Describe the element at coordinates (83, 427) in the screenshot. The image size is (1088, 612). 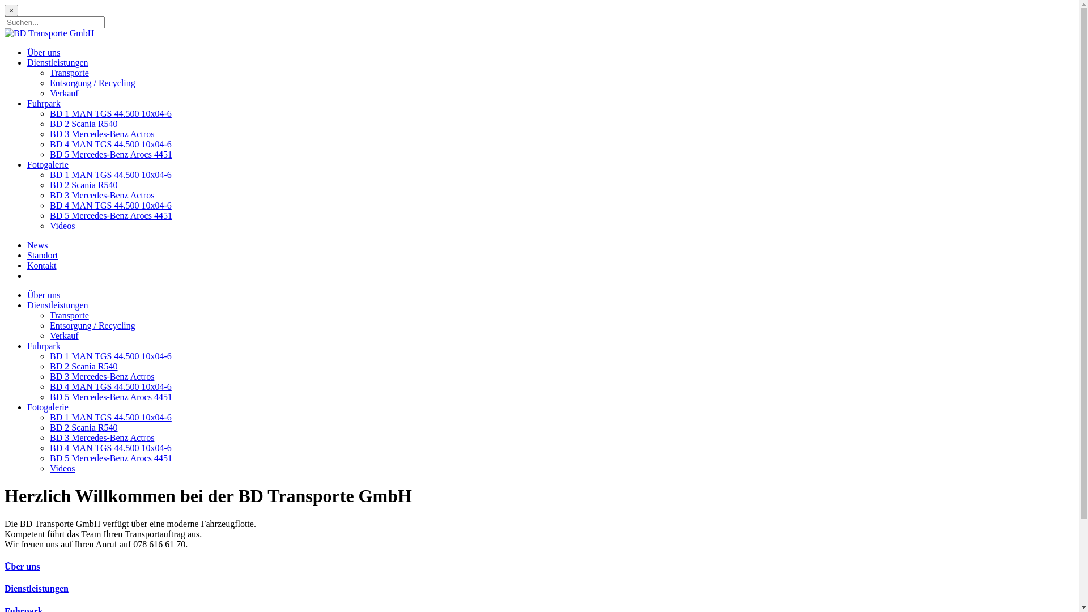
I see `'BD 2 Scania R540'` at that location.